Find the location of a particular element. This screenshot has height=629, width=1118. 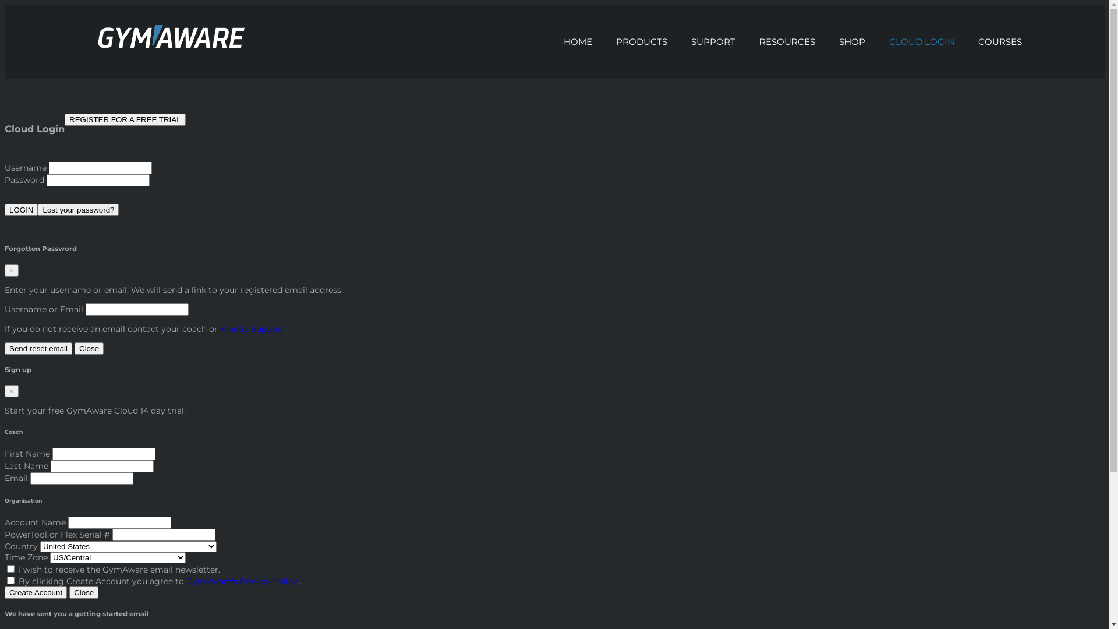

'Close' is located at coordinates (74, 348).